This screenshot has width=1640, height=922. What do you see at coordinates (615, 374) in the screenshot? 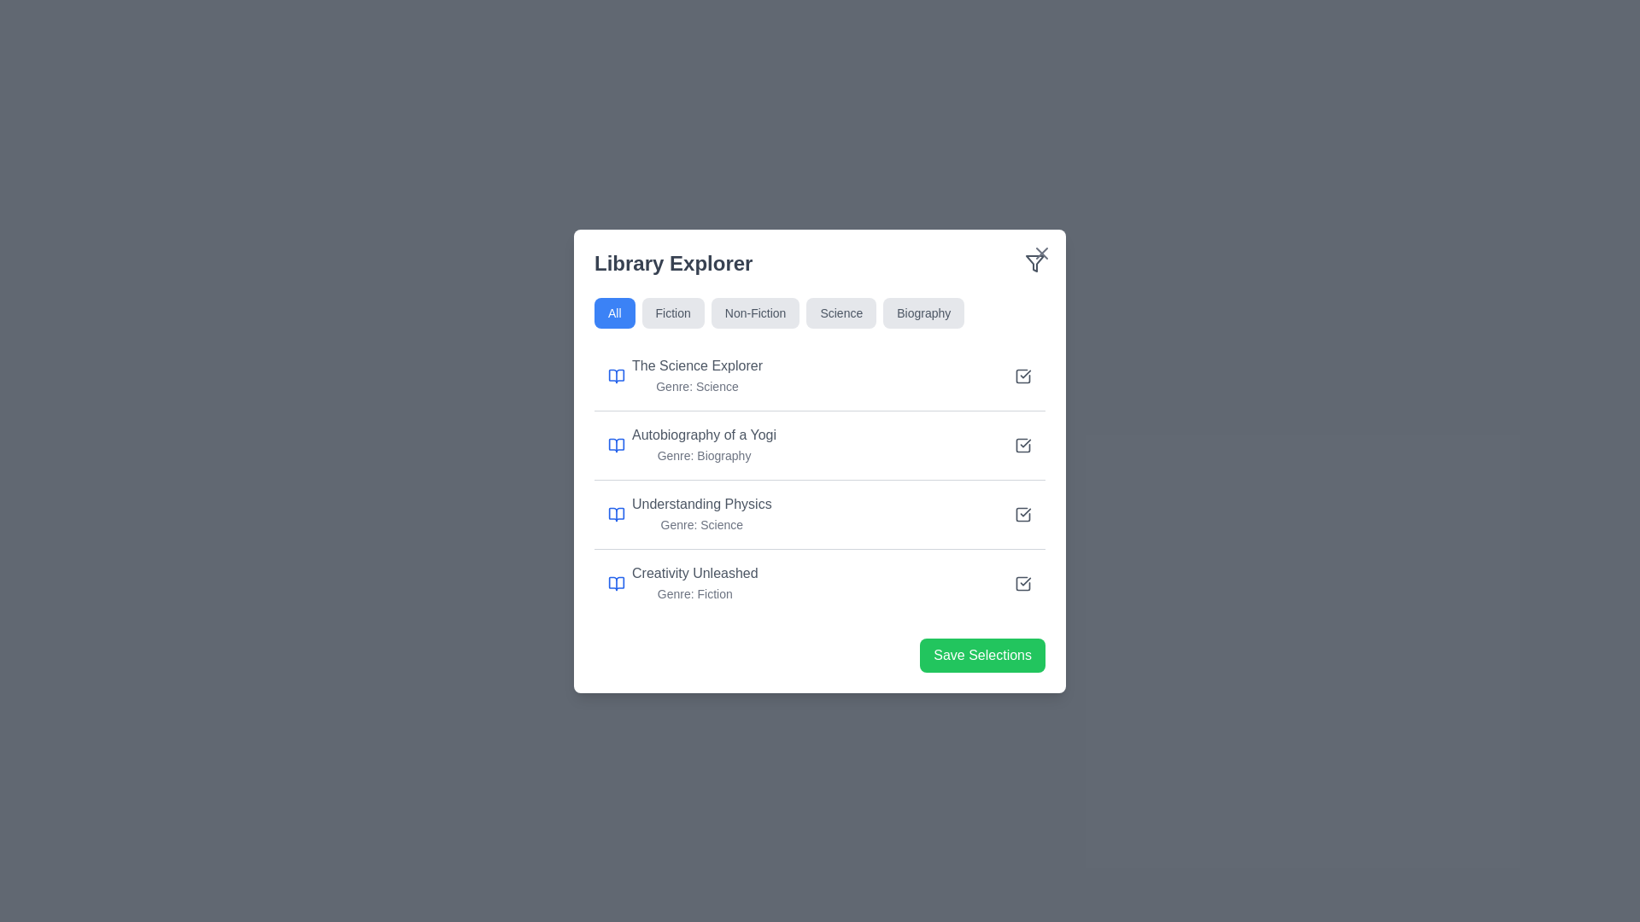
I see `the book icon representing 'The Science Explorer' located in the 'Library Explorer' section, next to the label 'The Science Explorer.'` at bounding box center [615, 374].